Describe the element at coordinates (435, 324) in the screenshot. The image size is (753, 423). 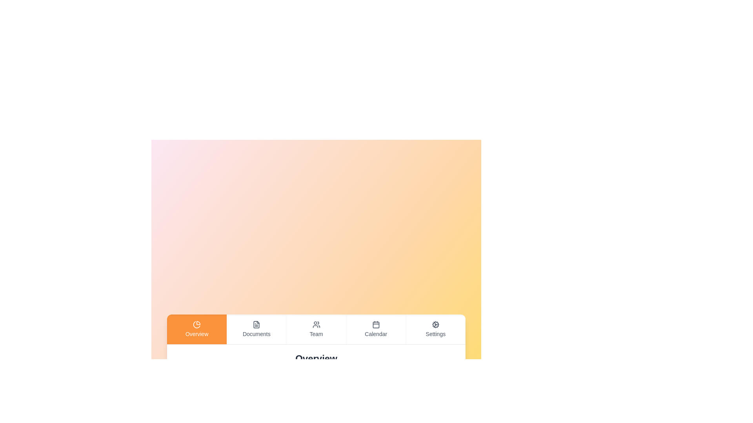
I see `the circular SVG component that is part of the gear icon located in the top-right corner of the bottom navigation bar labeled 'Settings'` at that location.